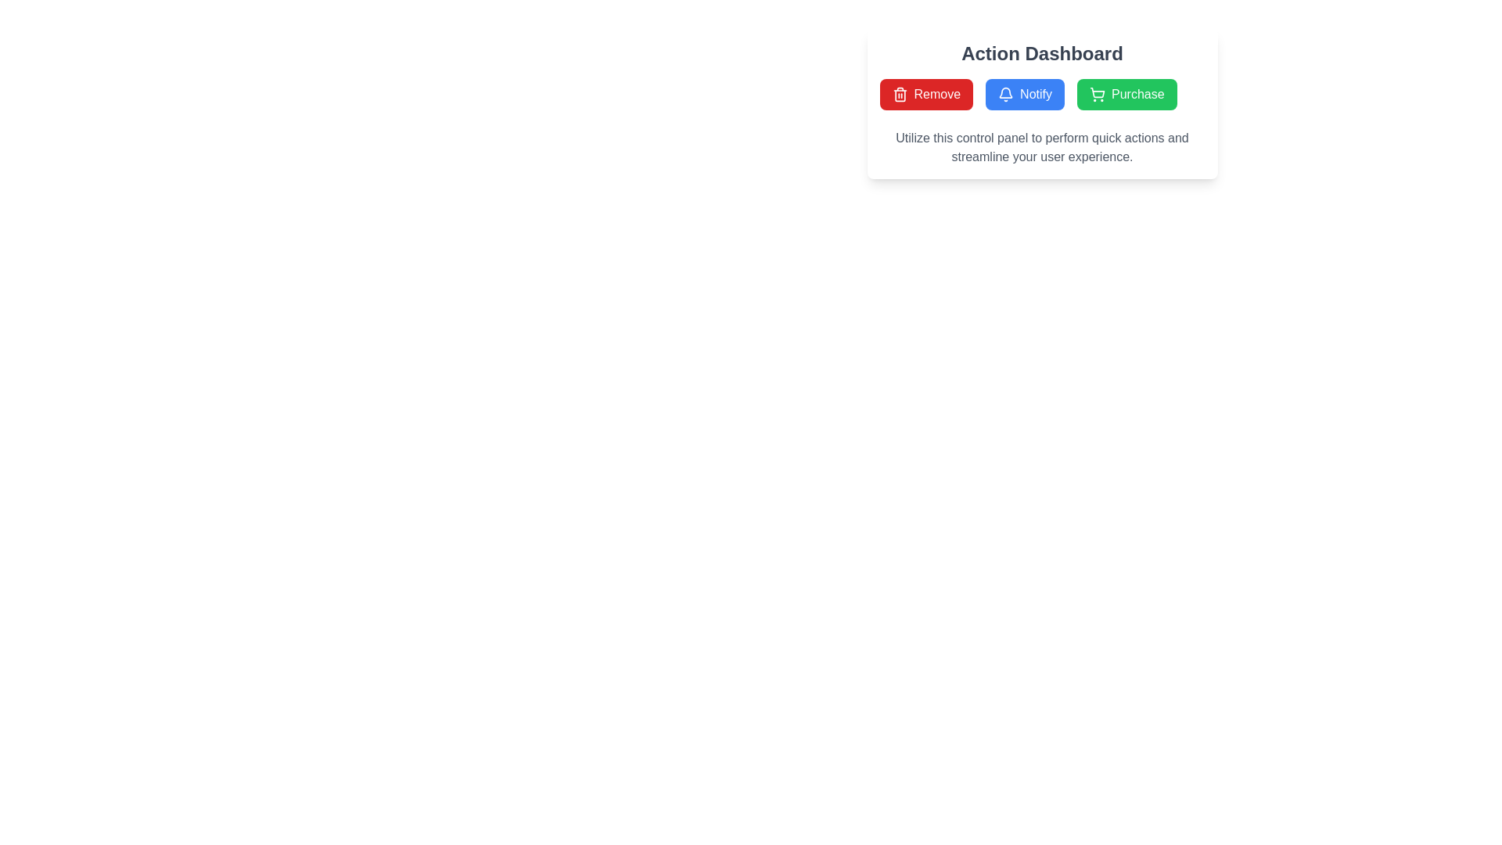  I want to click on the blue 'Notify' button with a white bell icon to initiate a notification, so click(1025, 94).